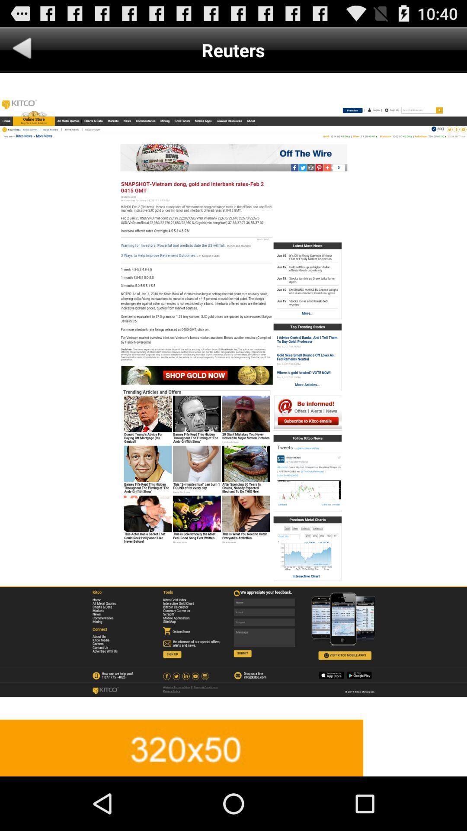 The height and width of the screenshot is (831, 467). Describe the element at coordinates (22, 49) in the screenshot. I see `left` at that location.